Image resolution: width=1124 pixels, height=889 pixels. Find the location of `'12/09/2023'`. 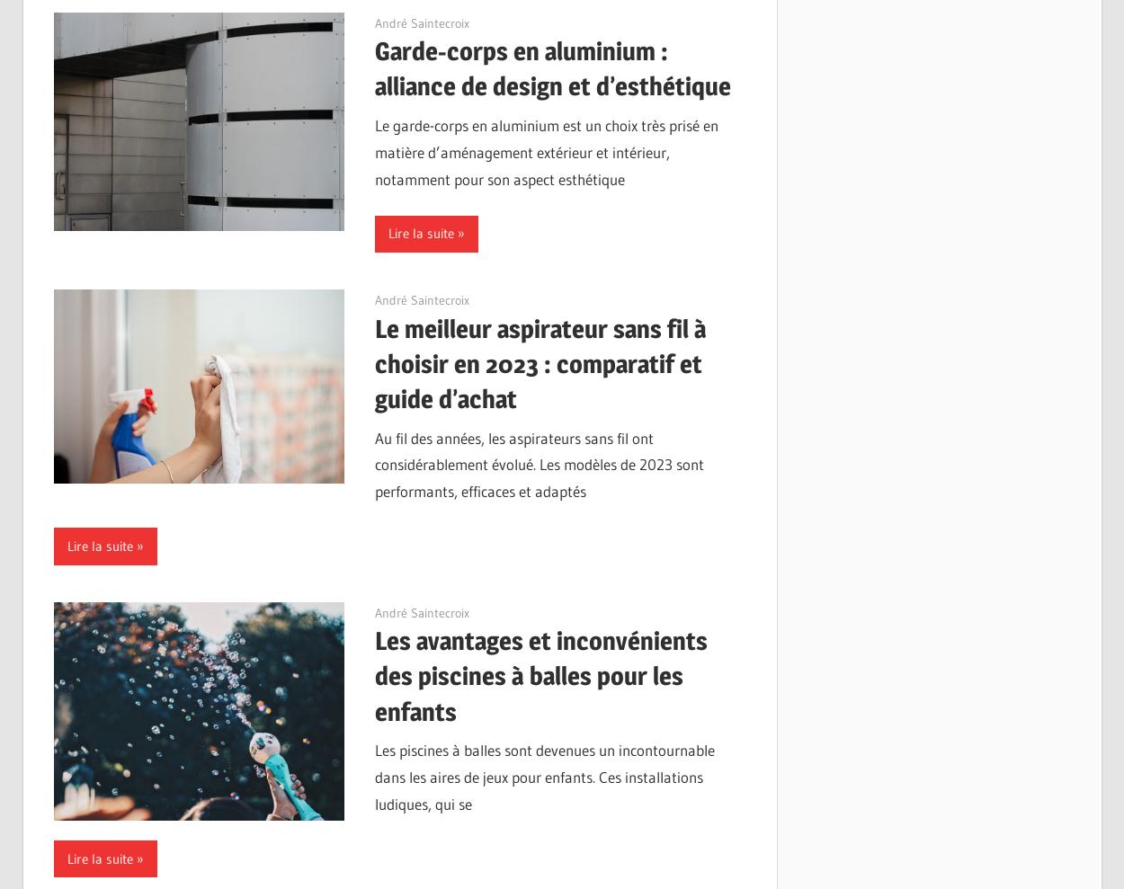

'12/09/2023' is located at coordinates (375, 611).